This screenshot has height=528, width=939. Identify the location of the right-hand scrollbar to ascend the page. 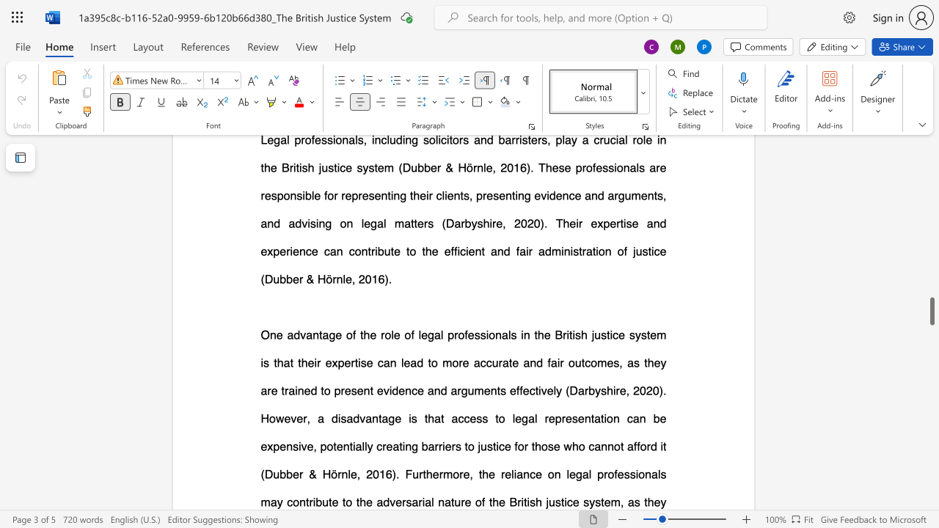
(931, 387).